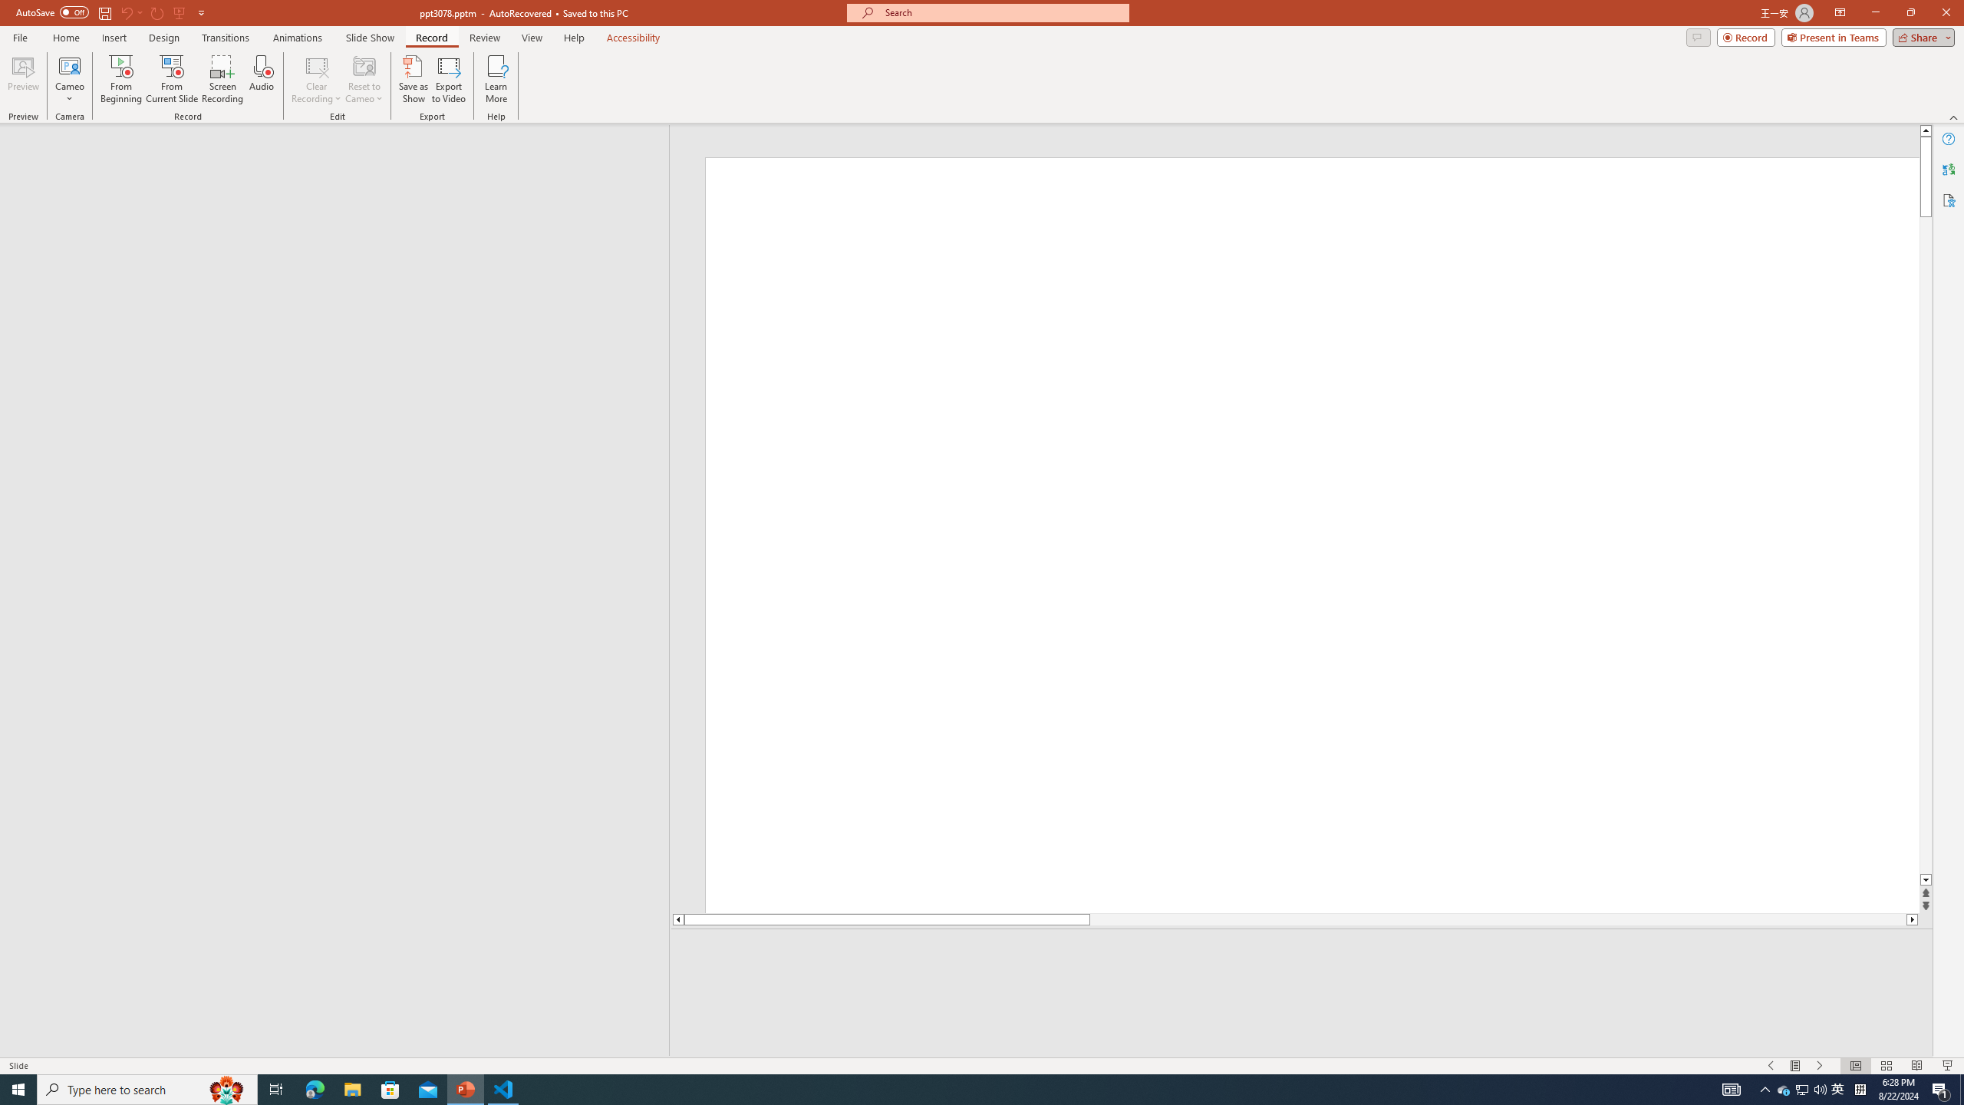 This screenshot has height=1105, width=1964. What do you see at coordinates (496, 79) in the screenshot?
I see `'Learn More'` at bounding box center [496, 79].